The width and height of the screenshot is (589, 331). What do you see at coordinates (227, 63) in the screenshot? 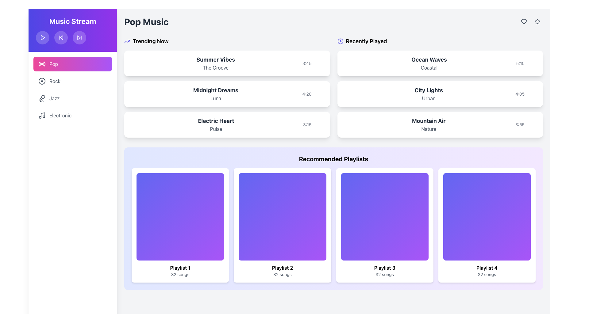
I see `the Information display element showing 'Summer Vibes' and 'The Groove' with a duration of '3:45', located under the 'Trending Now' section` at bounding box center [227, 63].